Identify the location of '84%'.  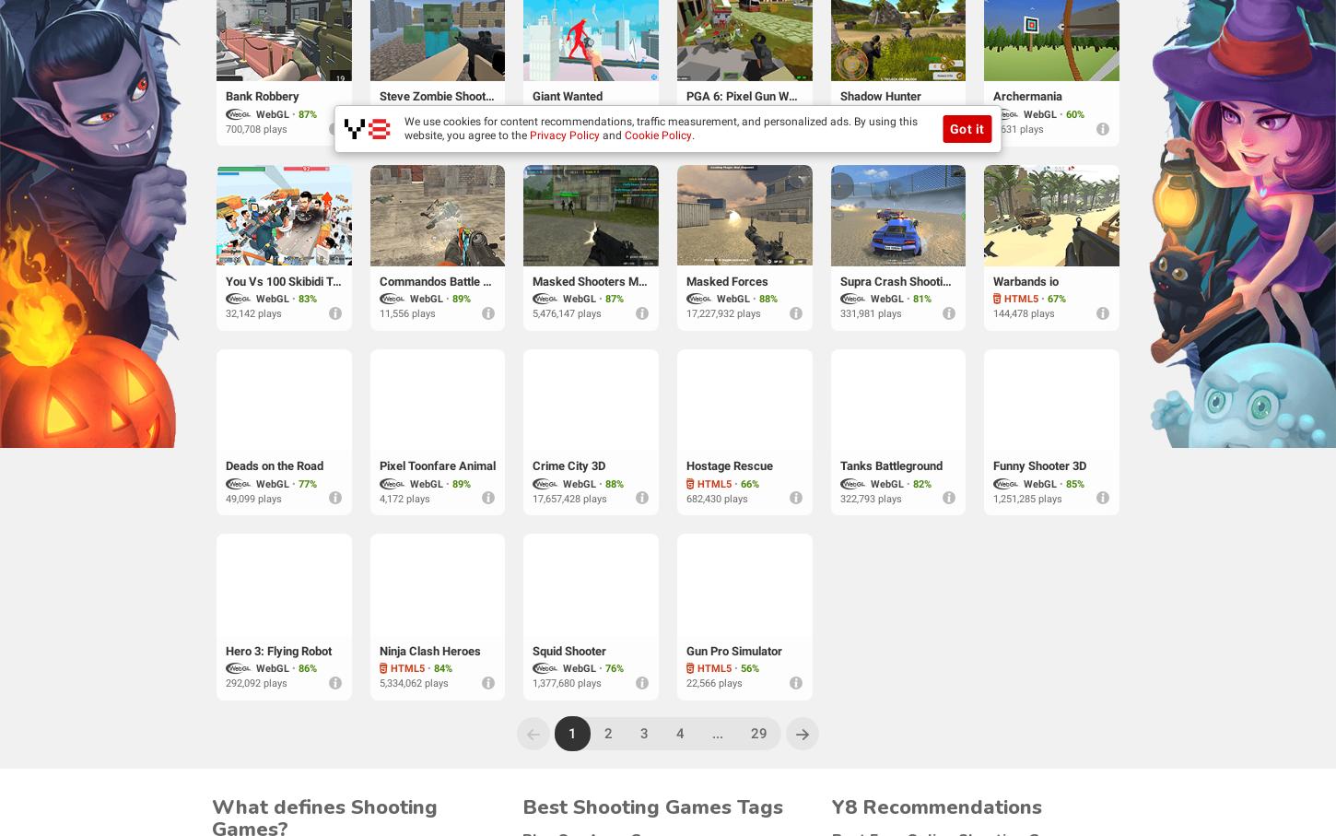
(440, 667).